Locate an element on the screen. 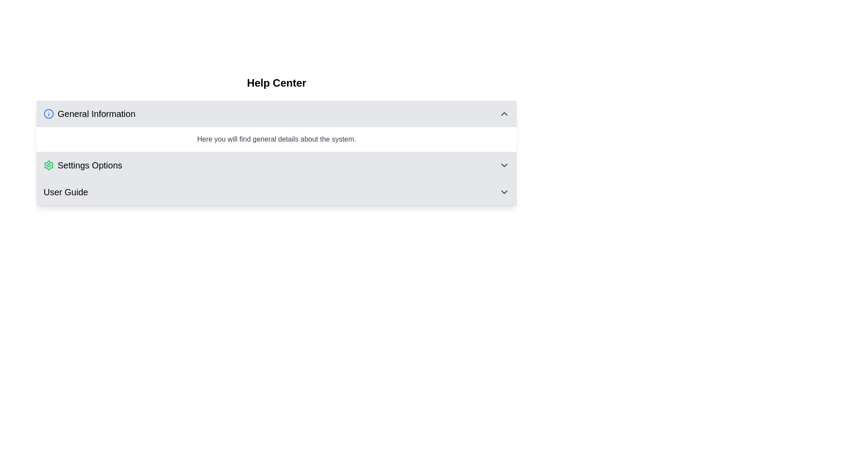 This screenshot has height=475, width=845. the upward-pointing chevron icon button located at the top-right corner of the 'General Information' header is located at coordinates (504, 113).